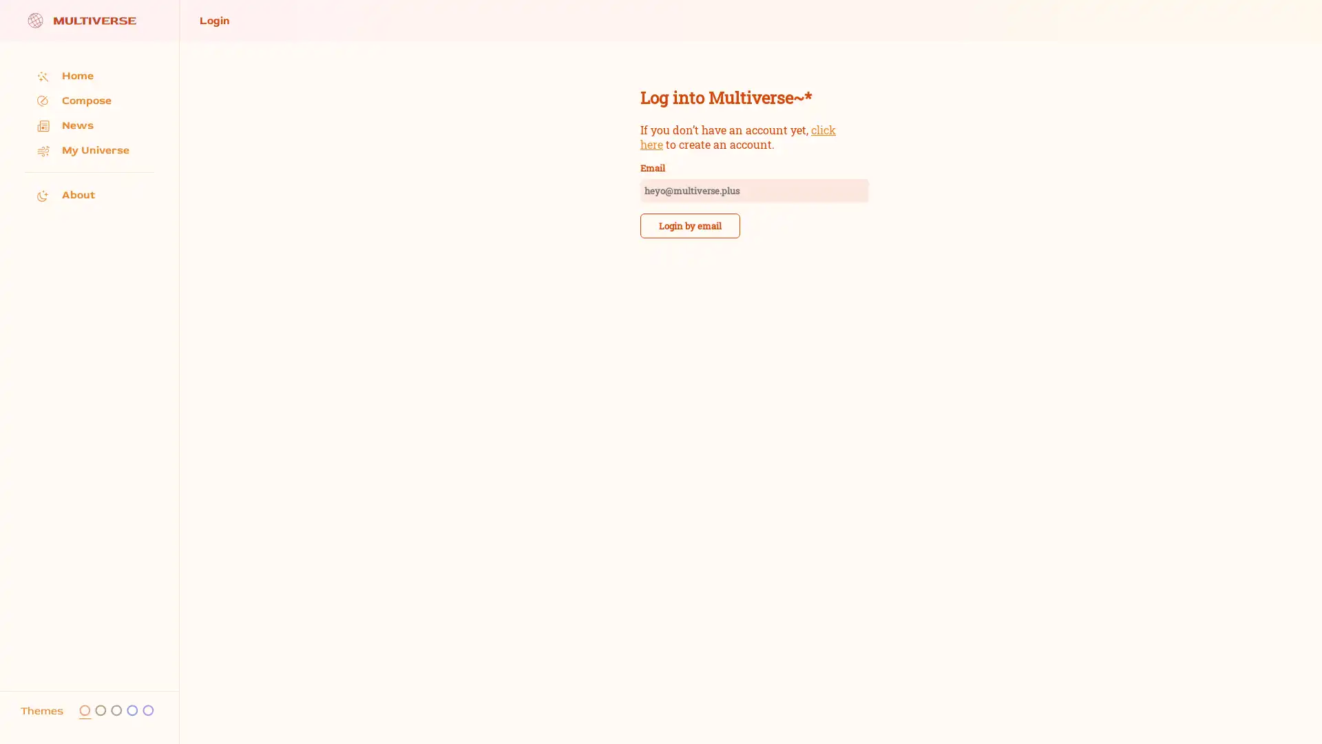  What do you see at coordinates (690, 225) in the screenshot?
I see `Login by email` at bounding box center [690, 225].